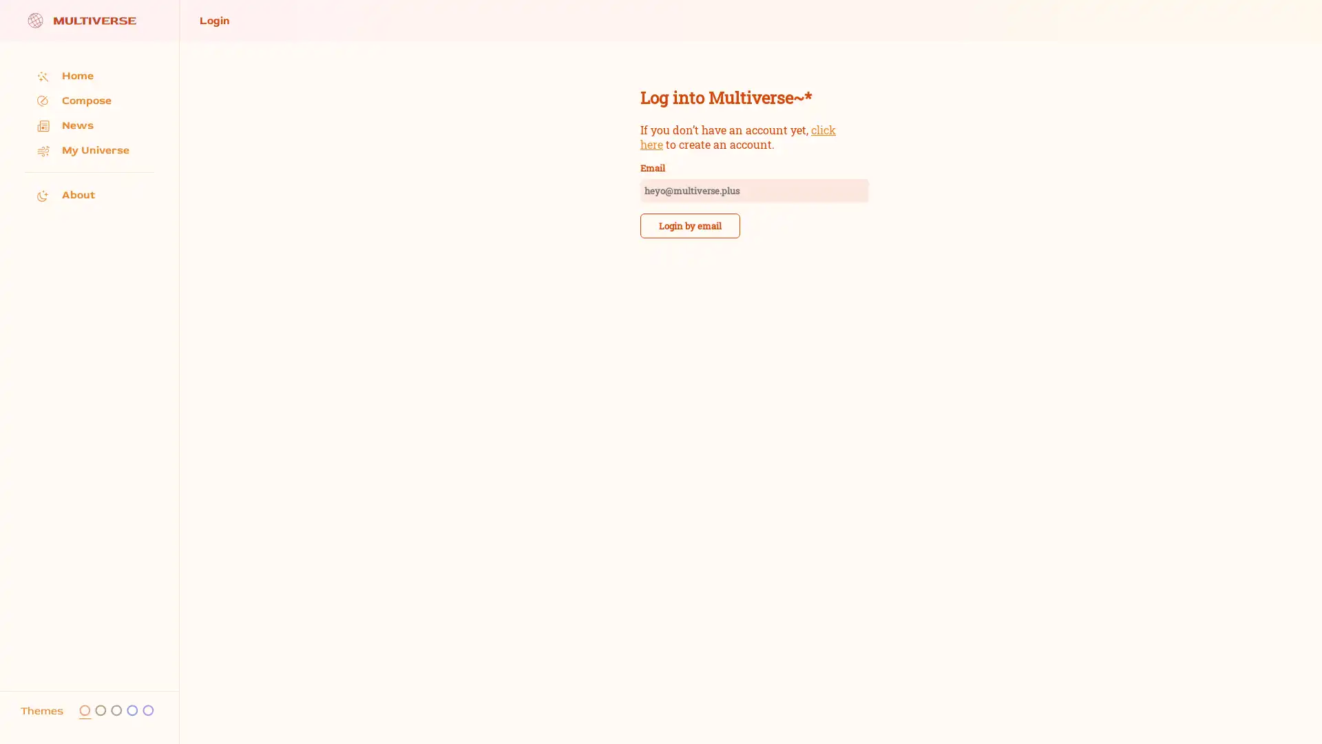  What do you see at coordinates (690, 225) in the screenshot?
I see `Login by email` at bounding box center [690, 225].